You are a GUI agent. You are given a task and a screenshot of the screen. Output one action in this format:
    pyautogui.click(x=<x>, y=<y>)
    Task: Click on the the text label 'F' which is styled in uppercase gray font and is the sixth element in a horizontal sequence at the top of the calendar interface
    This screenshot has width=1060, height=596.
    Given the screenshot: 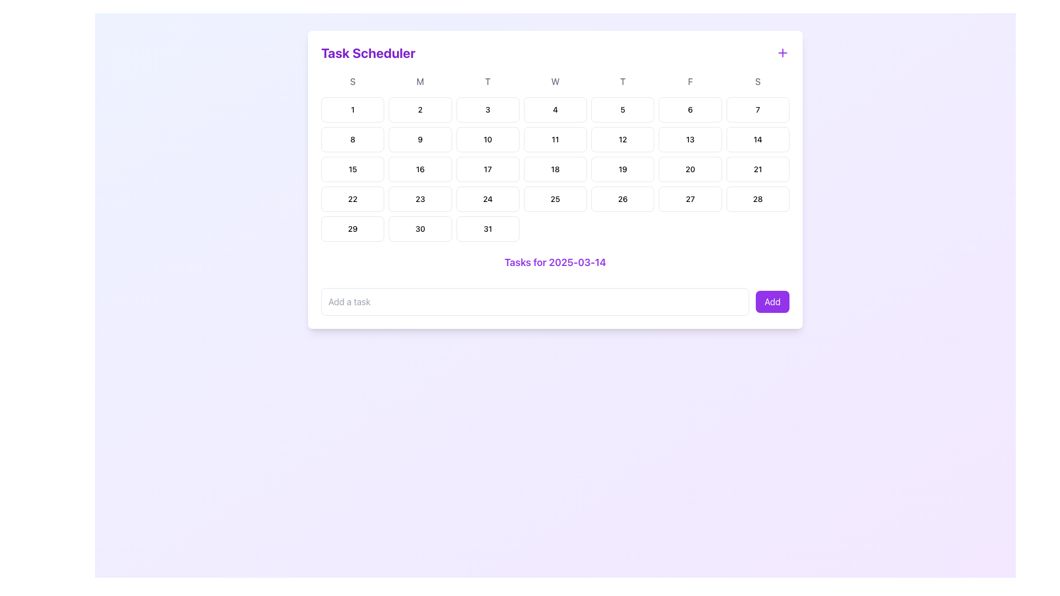 What is the action you would take?
    pyautogui.click(x=690, y=81)
    